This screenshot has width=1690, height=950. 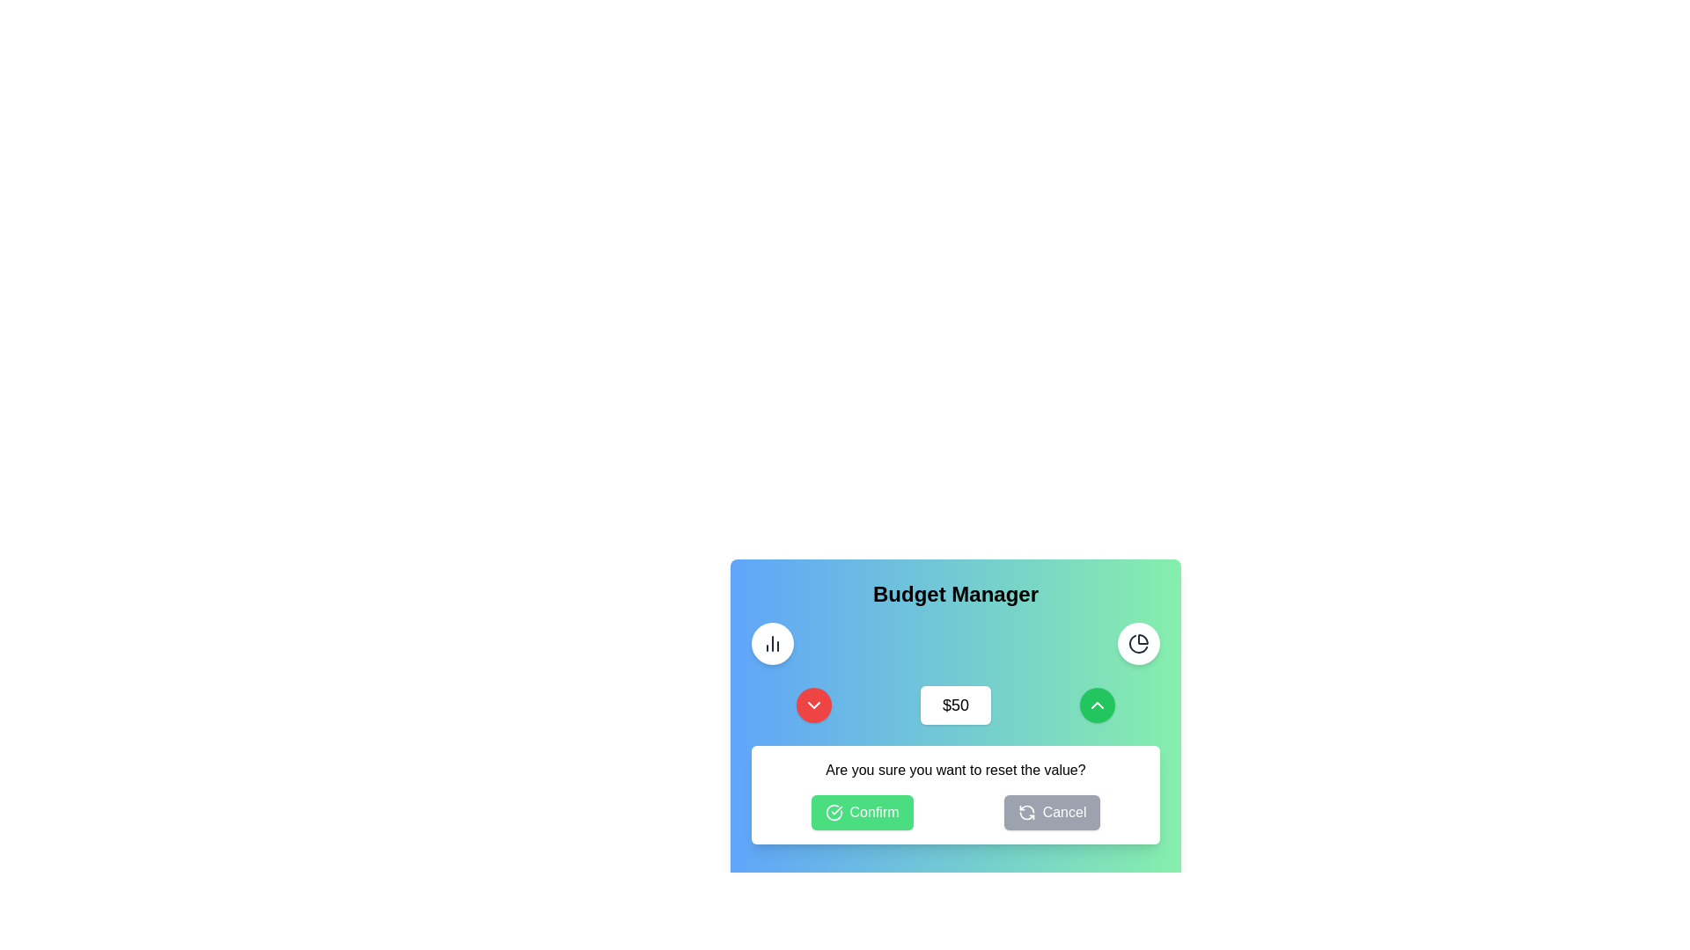 What do you see at coordinates (812, 705) in the screenshot?
I see `the circular button containing the downward-pointing chevron icon for accessibility` at bounding box center [812, 705].